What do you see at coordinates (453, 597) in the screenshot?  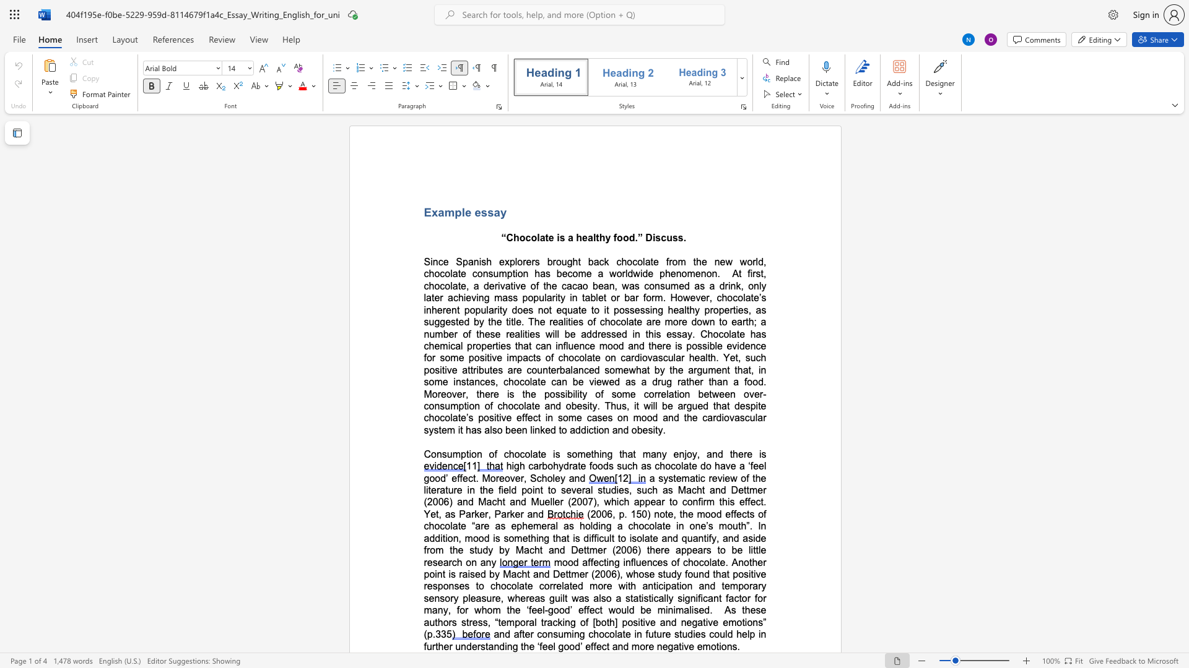 I see `the subset text "y pl" within the text "mood affecting influences of chocolate. Another point is raised by Macht and Dettmer (2006), whose study found that positive responses to chocolate correlated more with anticipation and temporary sensory pleasure,"` at bounding box center [453, 597].